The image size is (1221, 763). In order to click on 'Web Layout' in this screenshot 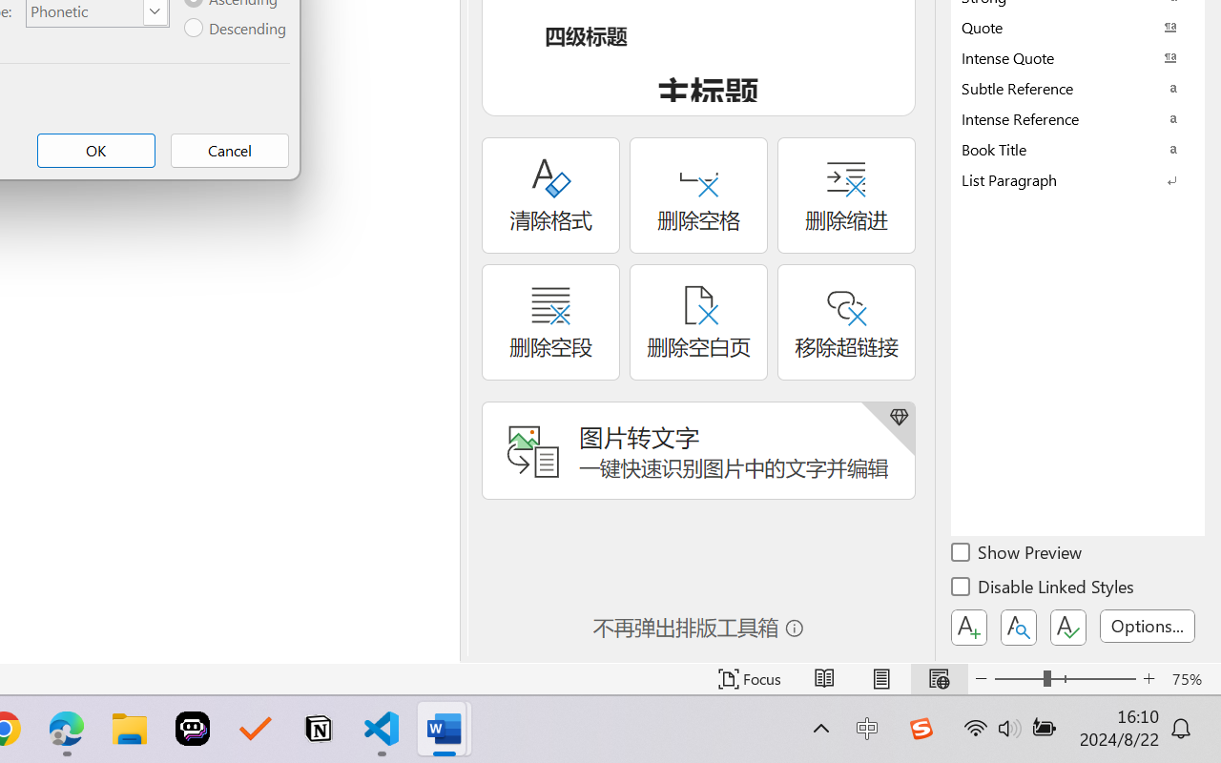, I will do `click(939, 678)`.